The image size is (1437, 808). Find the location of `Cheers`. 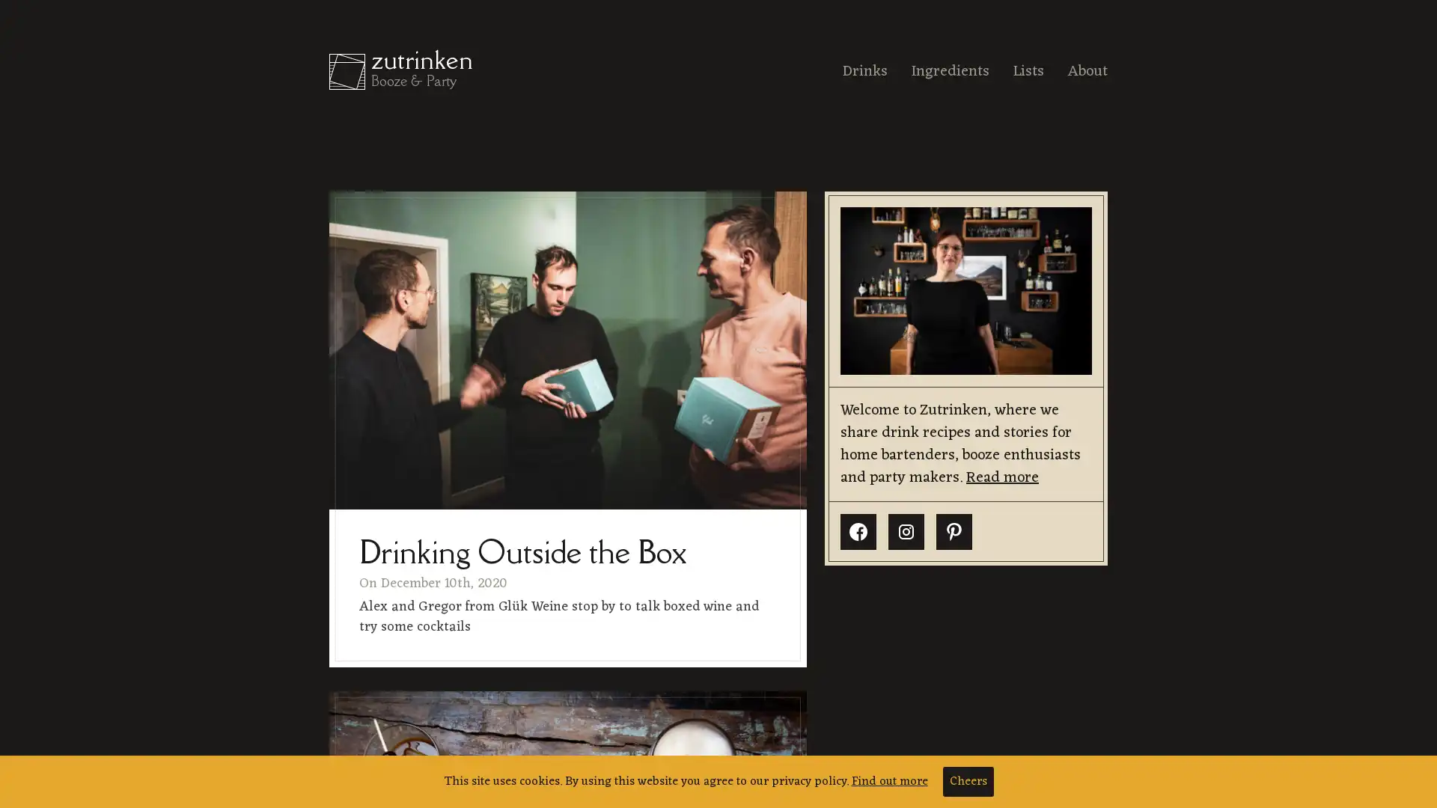

Cheers is located at coordinates (967, 781).